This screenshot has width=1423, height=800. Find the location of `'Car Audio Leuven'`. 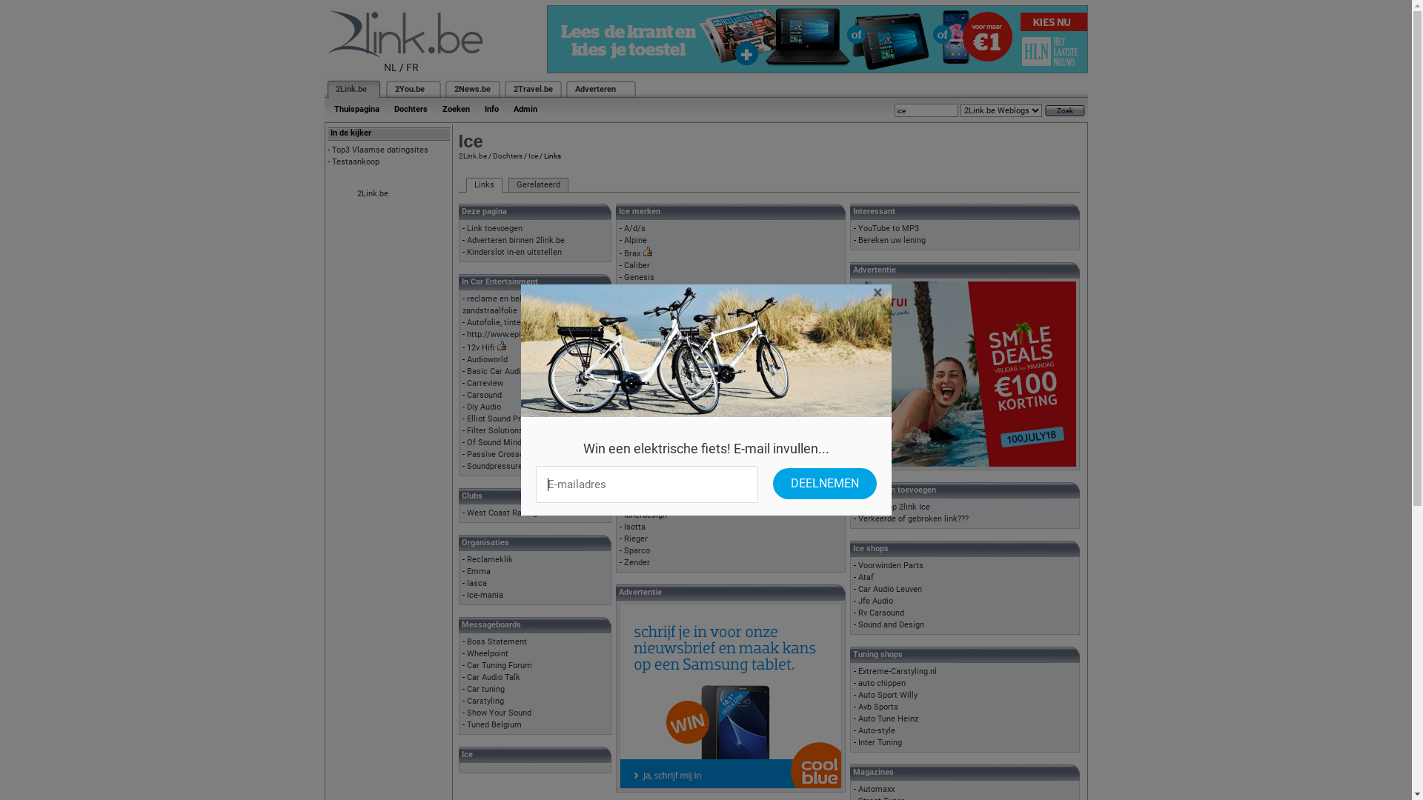

'Car Audio Leuven' is located at coordinates (889, 588).